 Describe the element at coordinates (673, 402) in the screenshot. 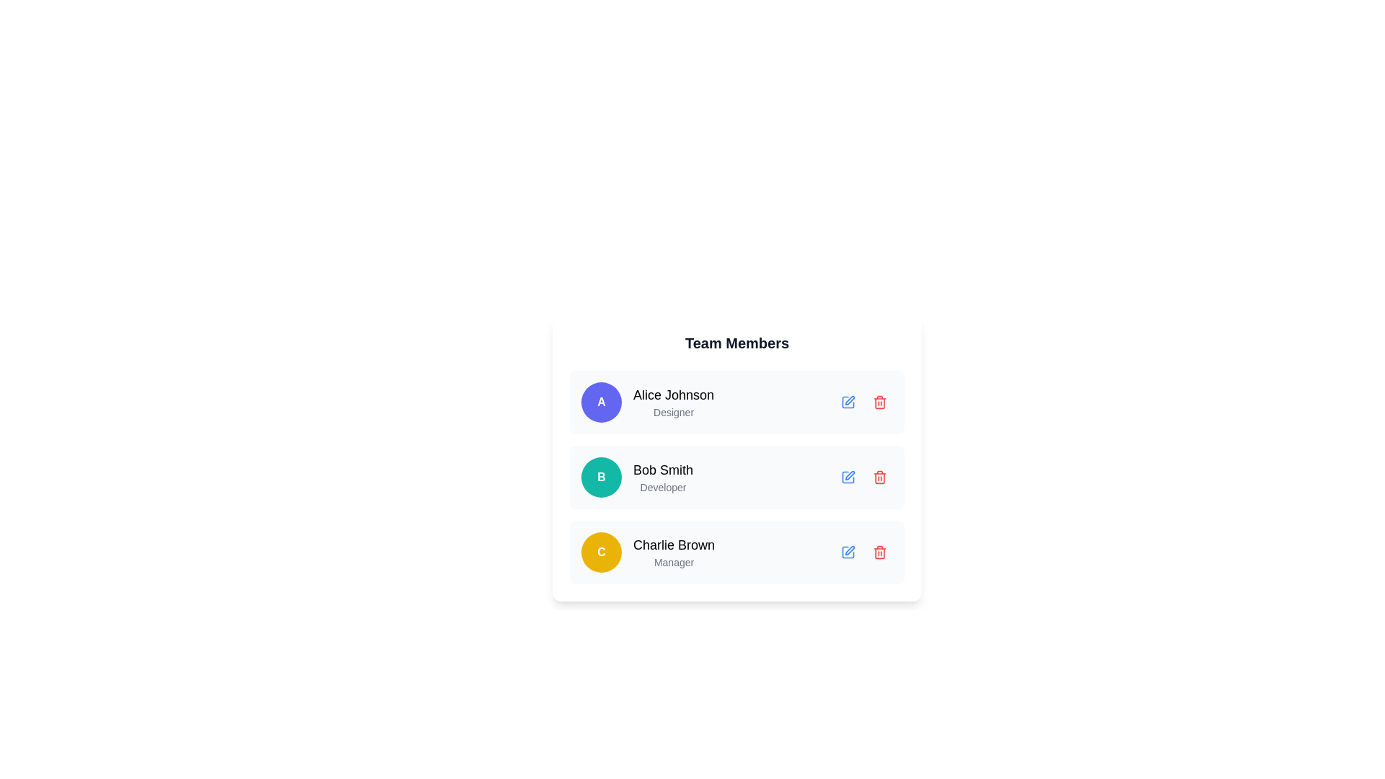

I see `the text label displaying 'Alice Johnson' and 'Designer', which is the first item in the vertically stacked list, positioned to the right of the purple circular avatar` at that location.